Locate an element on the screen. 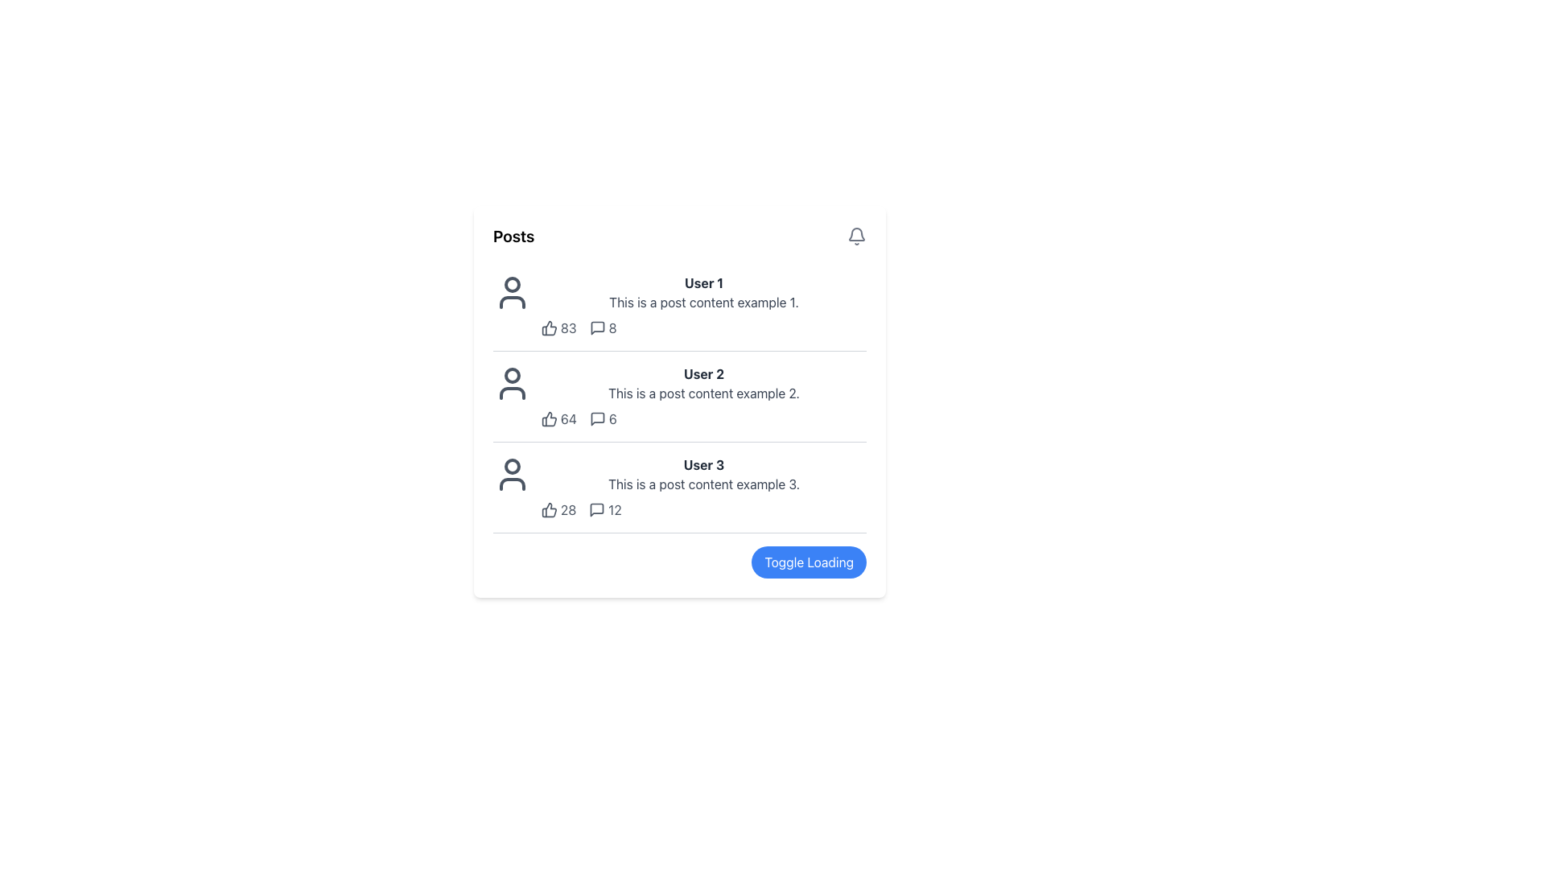 The image size is (1545, 869). the text label that states 'This is a post content example 3.' which is located in the third post below the user label 'User 3' is located at coordinates (703, 483).